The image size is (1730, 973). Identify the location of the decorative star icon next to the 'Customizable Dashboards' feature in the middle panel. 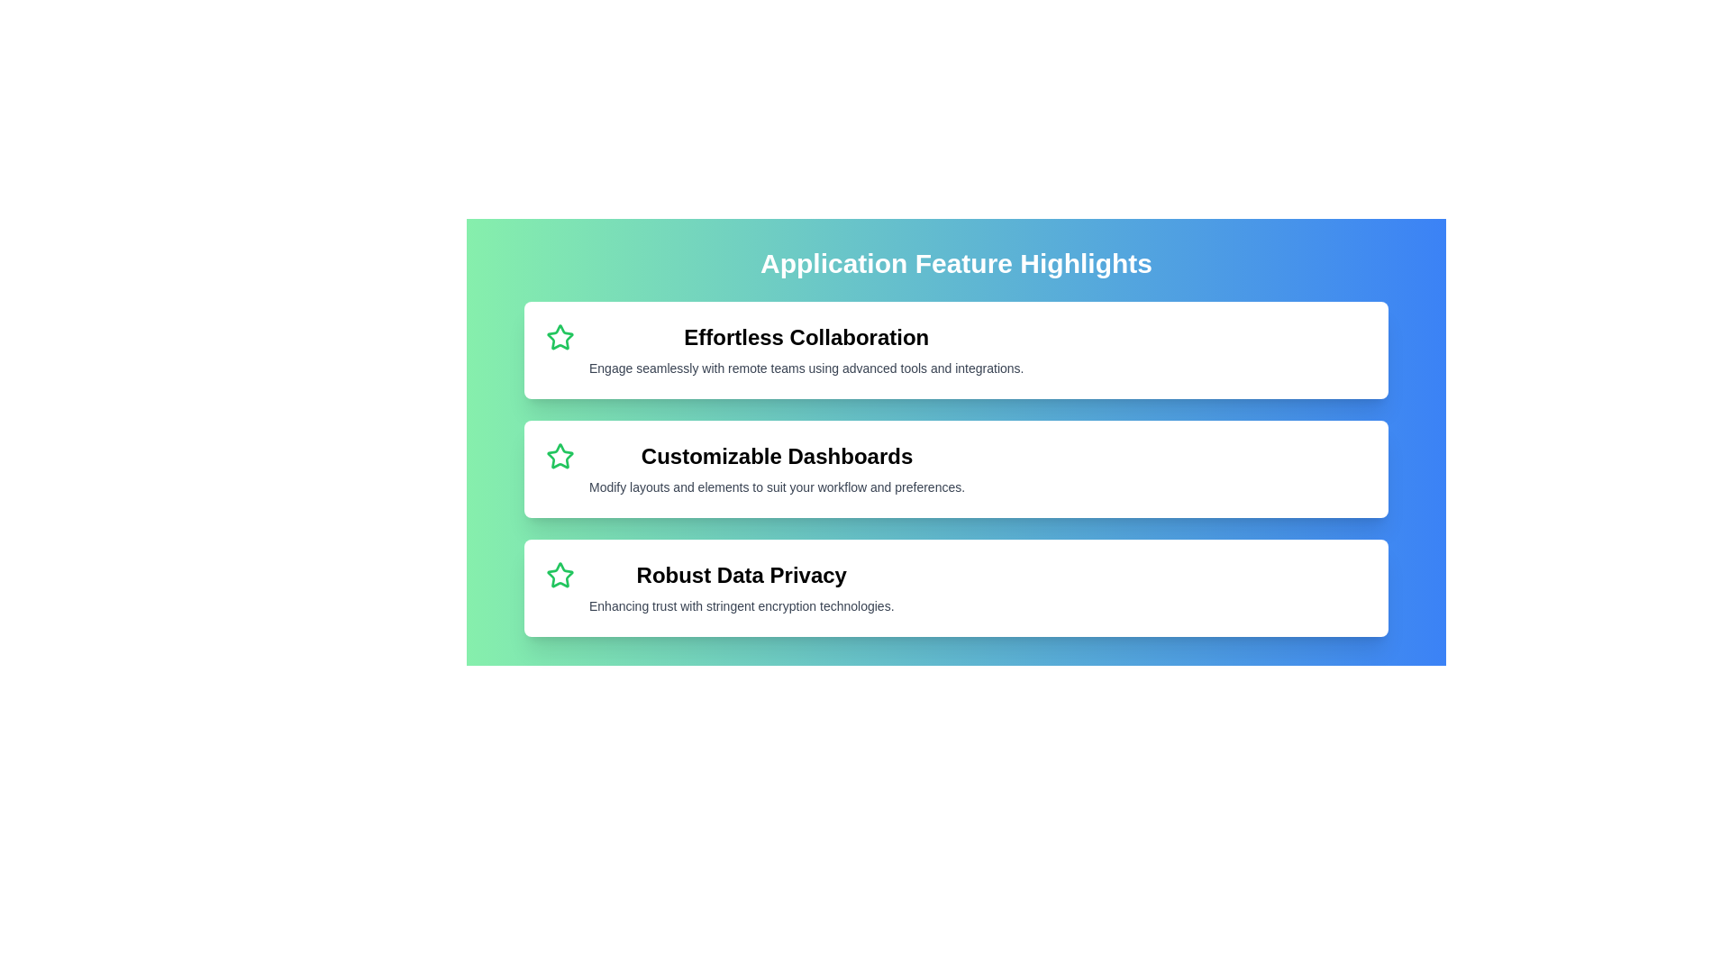
(560, 455).